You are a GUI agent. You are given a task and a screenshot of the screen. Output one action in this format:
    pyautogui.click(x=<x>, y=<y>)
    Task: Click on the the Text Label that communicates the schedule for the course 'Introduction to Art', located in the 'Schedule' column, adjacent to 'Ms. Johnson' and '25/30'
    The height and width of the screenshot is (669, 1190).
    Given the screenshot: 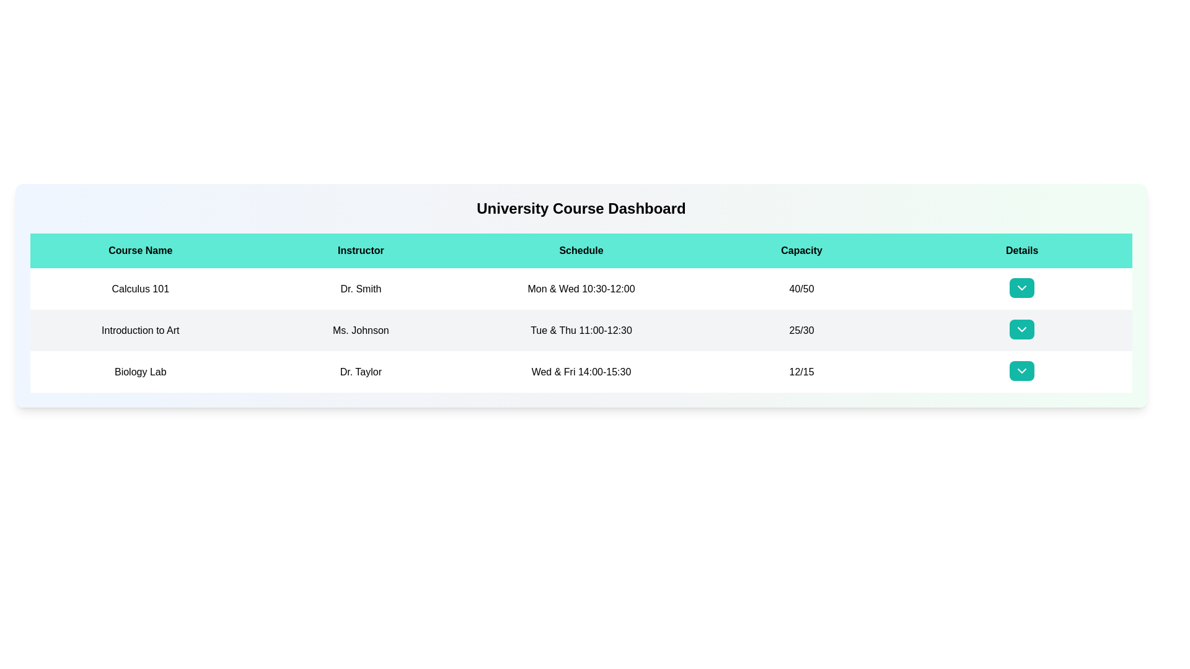 What is the action you would take?
    pyautogui.click(x=580, y=330)
    